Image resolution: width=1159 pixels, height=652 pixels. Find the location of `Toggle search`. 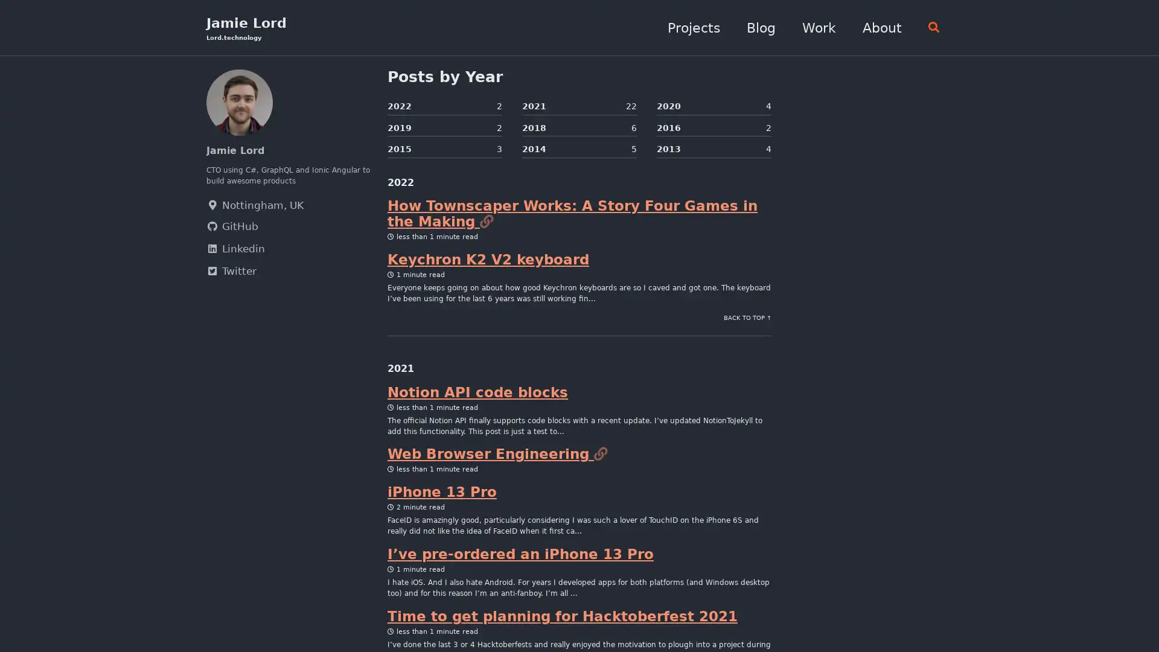

Toggle search is located at coordinates (928, 28).